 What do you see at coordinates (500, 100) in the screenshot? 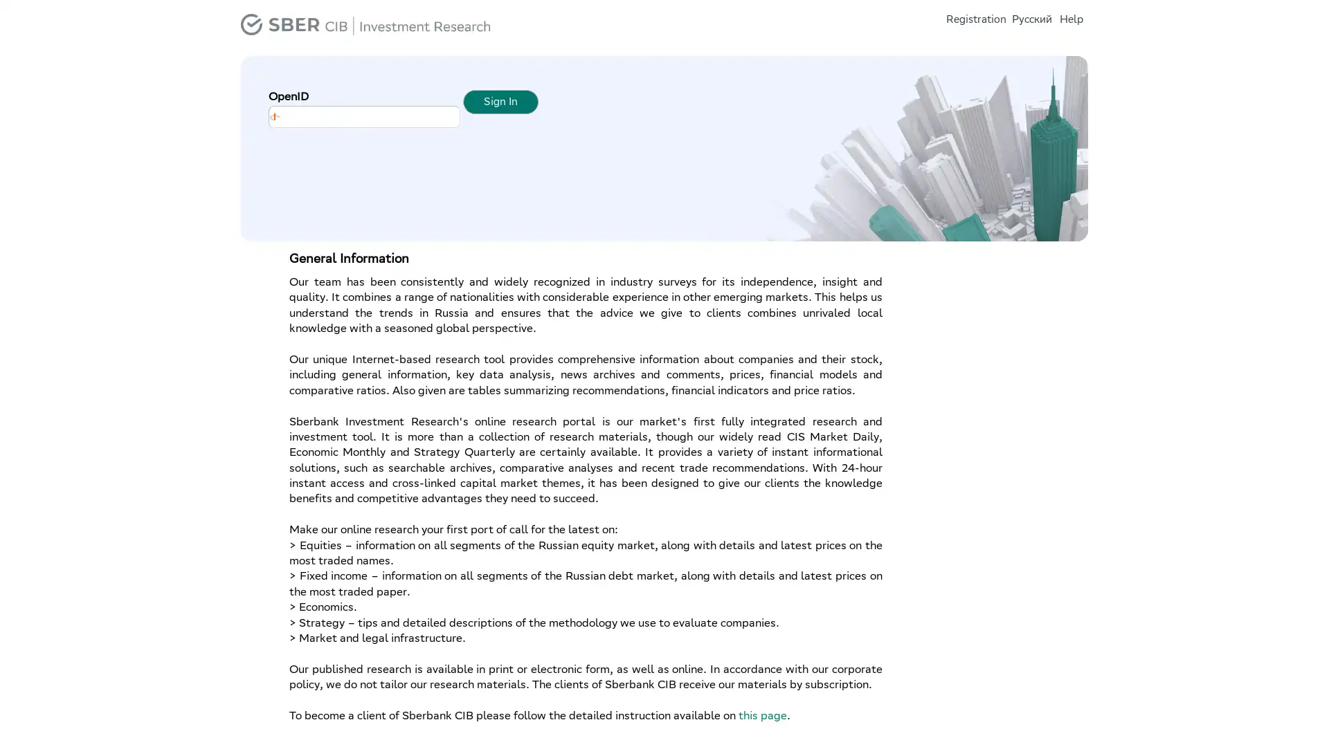
I see `Sign In` at bounding box center [500, 100].